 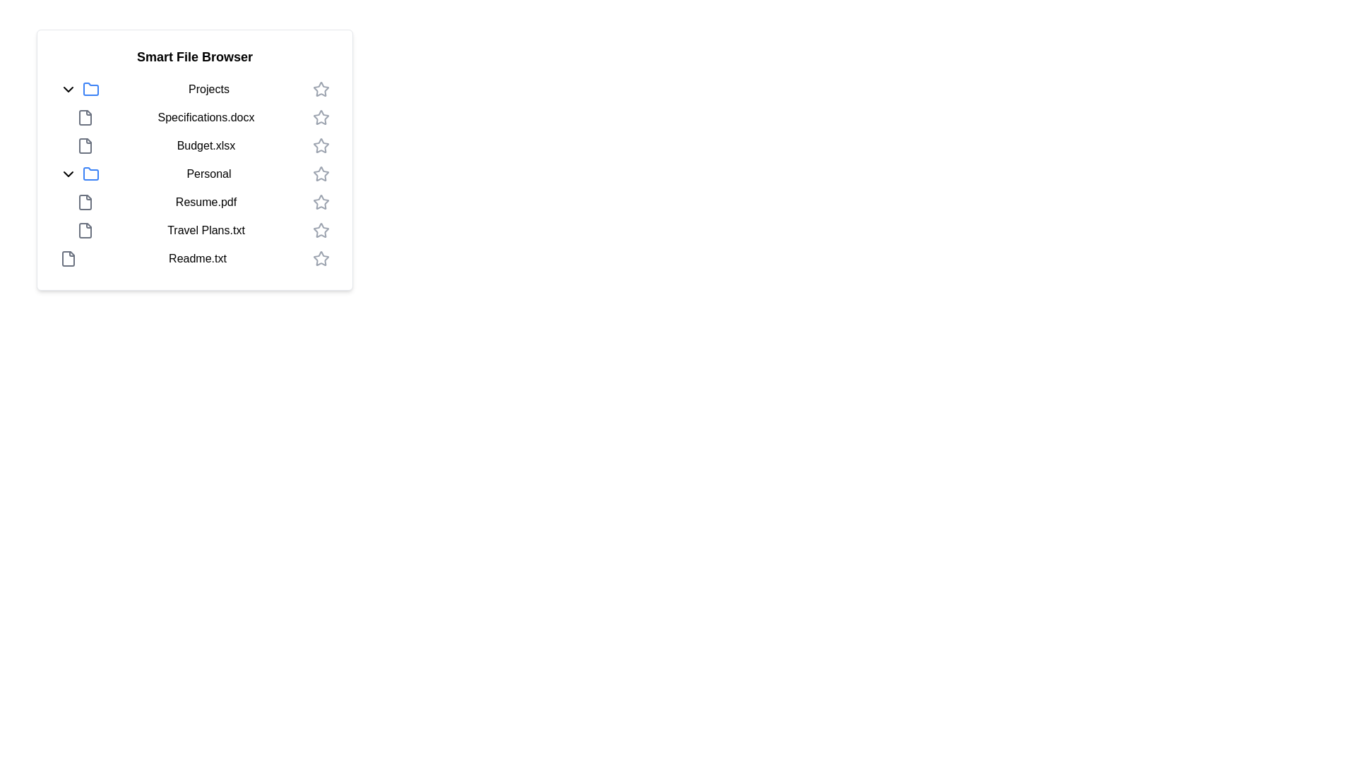 I want to click on the file icon SVG graphic element located in the first vertical row of icons, specifically positioned below the 'Personal' folder icon and above the 'Resume.pdf' label, so click(x=84, y=202).